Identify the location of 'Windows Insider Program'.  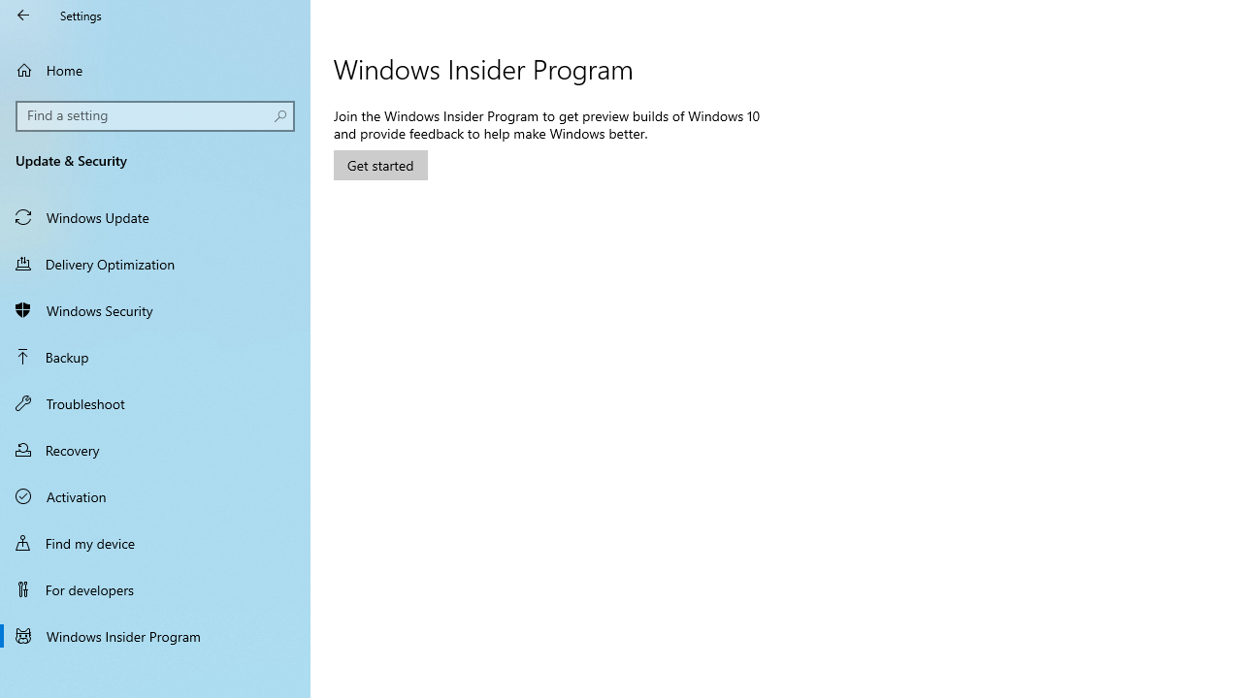
(155, 635).